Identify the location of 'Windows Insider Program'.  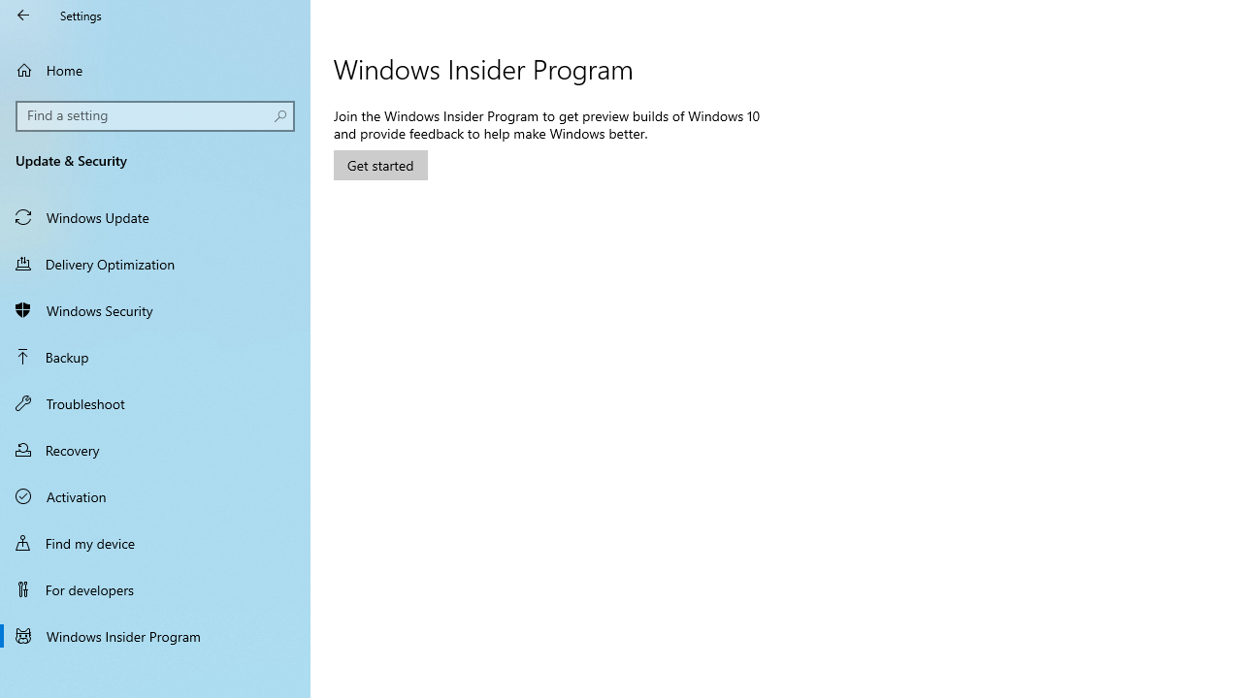
(155, 635).